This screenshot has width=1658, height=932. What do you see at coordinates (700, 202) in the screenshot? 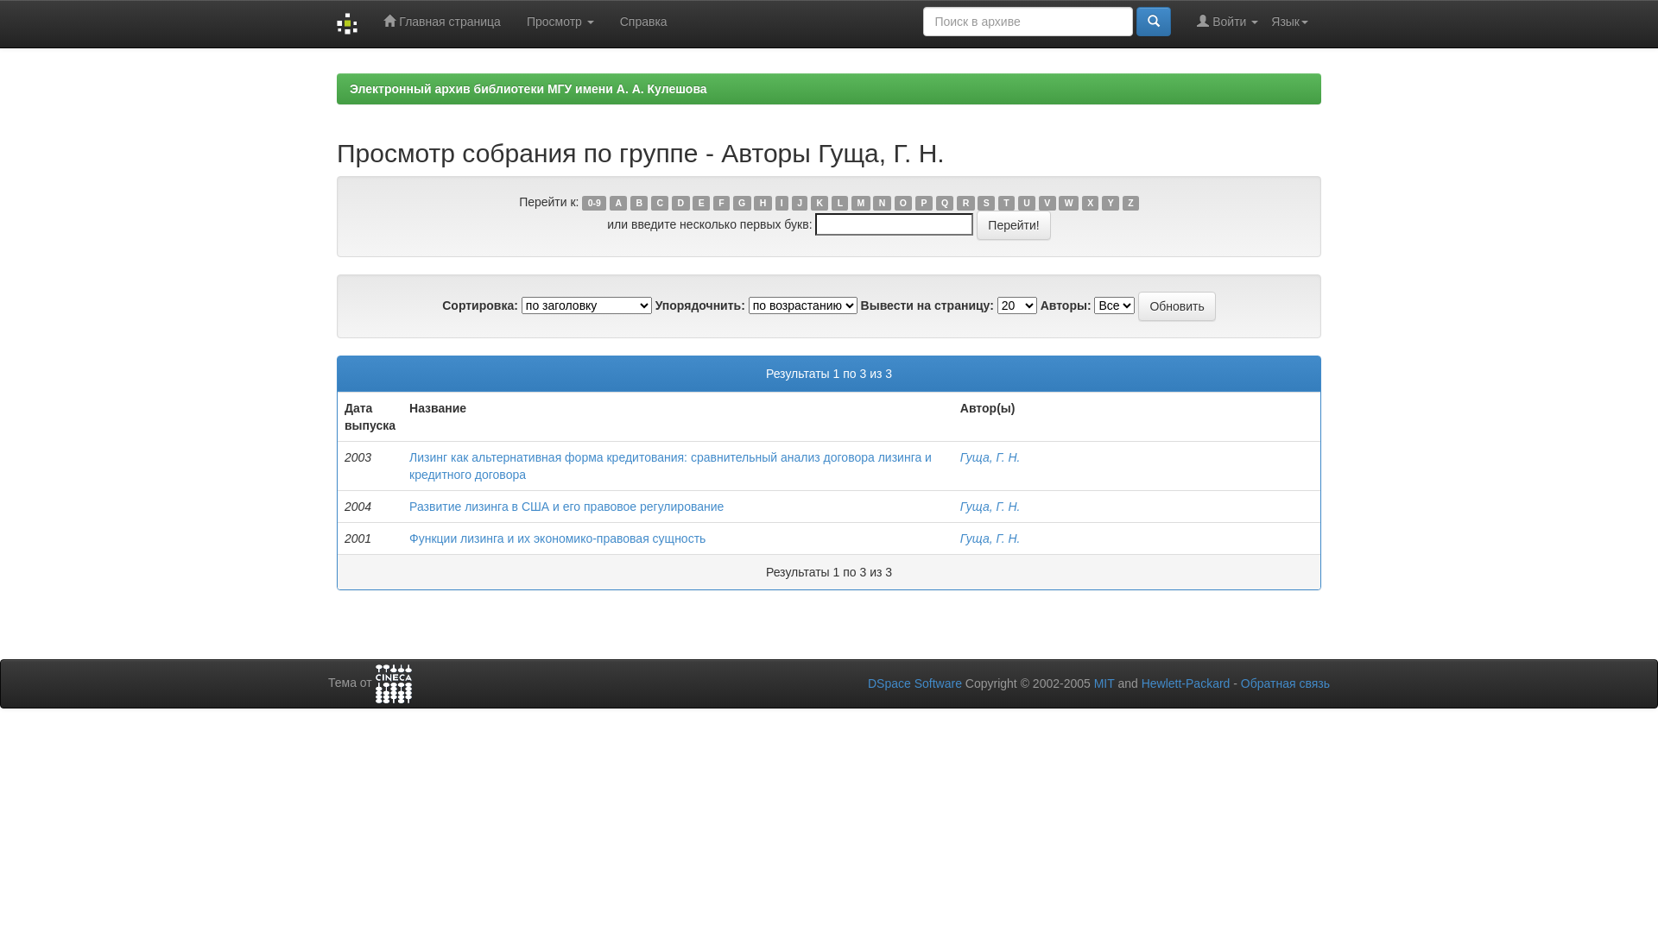
I see `'E'` at bounding box center [700, 202].